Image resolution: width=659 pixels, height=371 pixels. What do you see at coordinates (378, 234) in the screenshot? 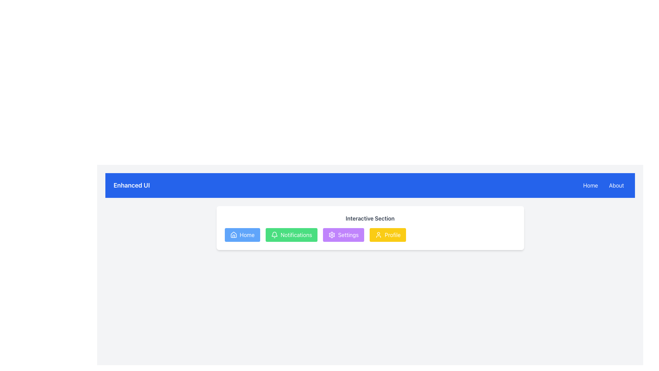
I see `the Decorative icon with a user silhouette that is located within the yellow 'Profile' button in the lower interactive section of the page` at bounding box center [378, 234].